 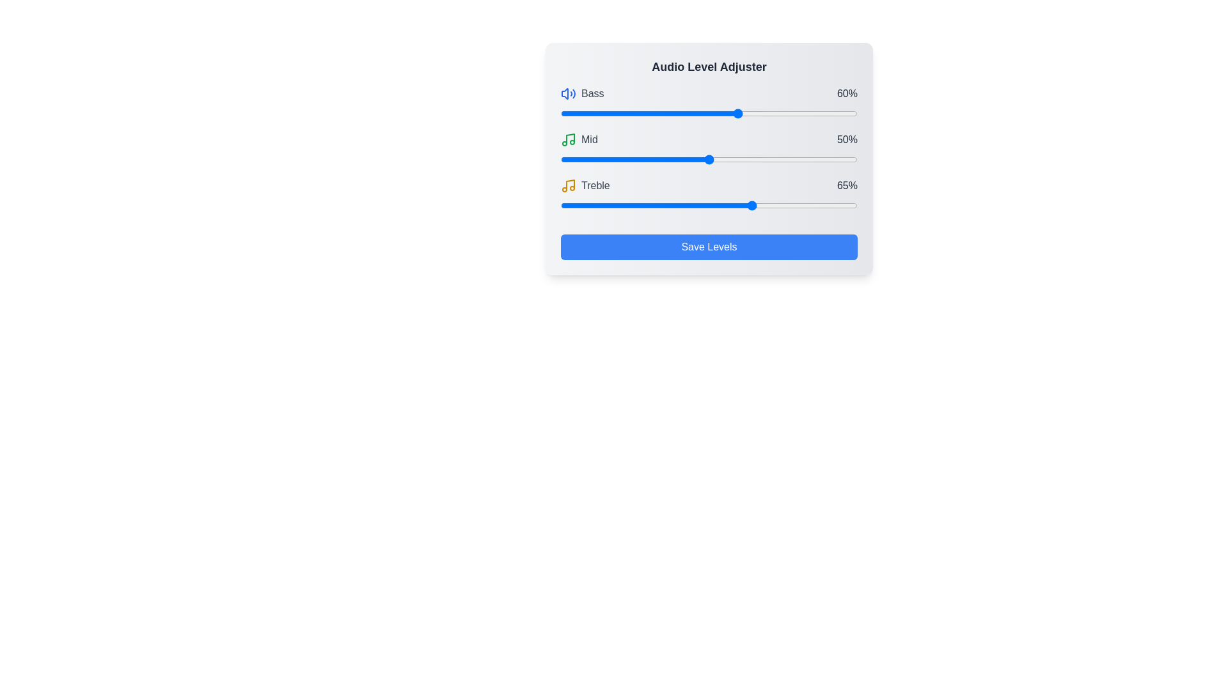 I want to click on the 'Mid' audio level, so click(x=670, y=159).